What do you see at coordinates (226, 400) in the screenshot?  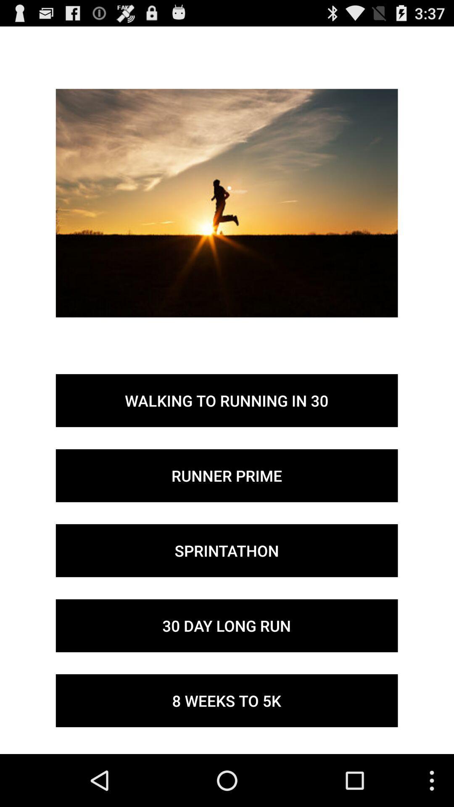 I see `the walking to running item` at bounding box center [226, 400].